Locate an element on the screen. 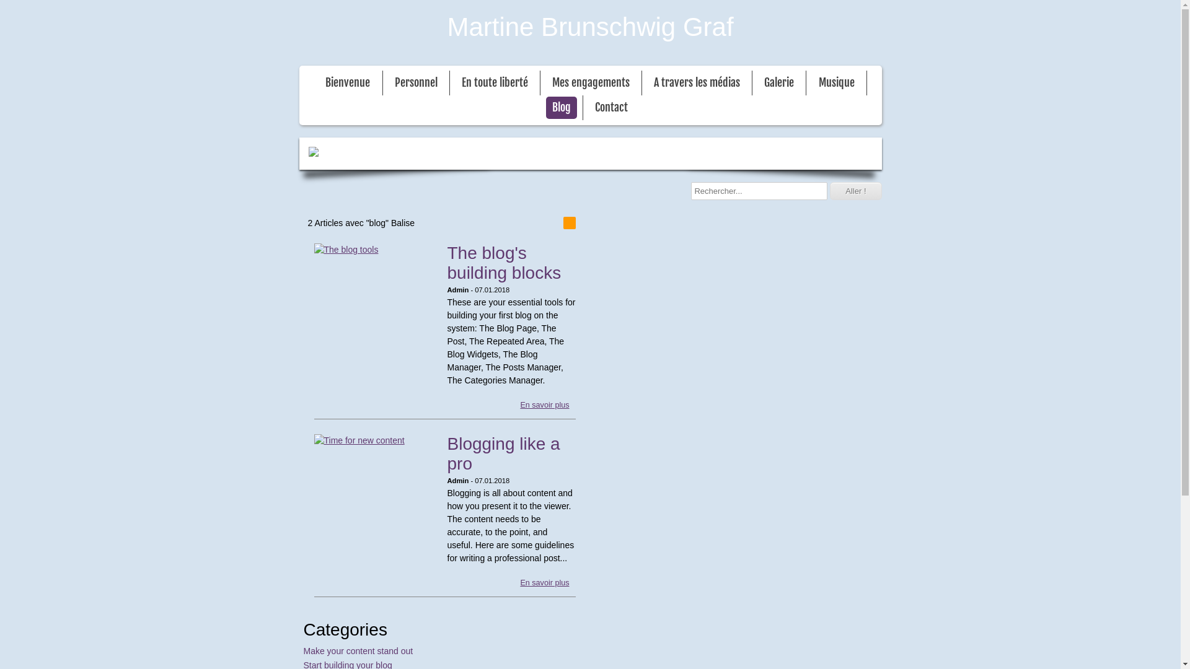 The width and height of the screenshot is (1190, 669). 'Martine Brunschwig Graf' is located at coordinates (589, 26).